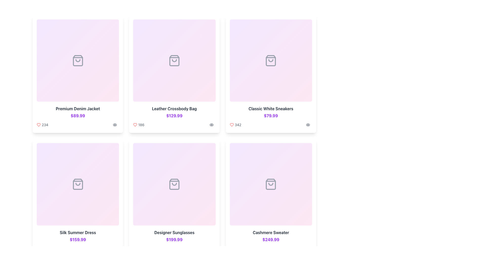 Image resolution: width=486 pixels, height=273 pixels. What do you see at coordinates (271, 116) in the screenshot?
I see `the price display for the 'Classic White Sneakers' product, which is located directly below the product name and above user interaction metrics` at bounding box center [271, 116].